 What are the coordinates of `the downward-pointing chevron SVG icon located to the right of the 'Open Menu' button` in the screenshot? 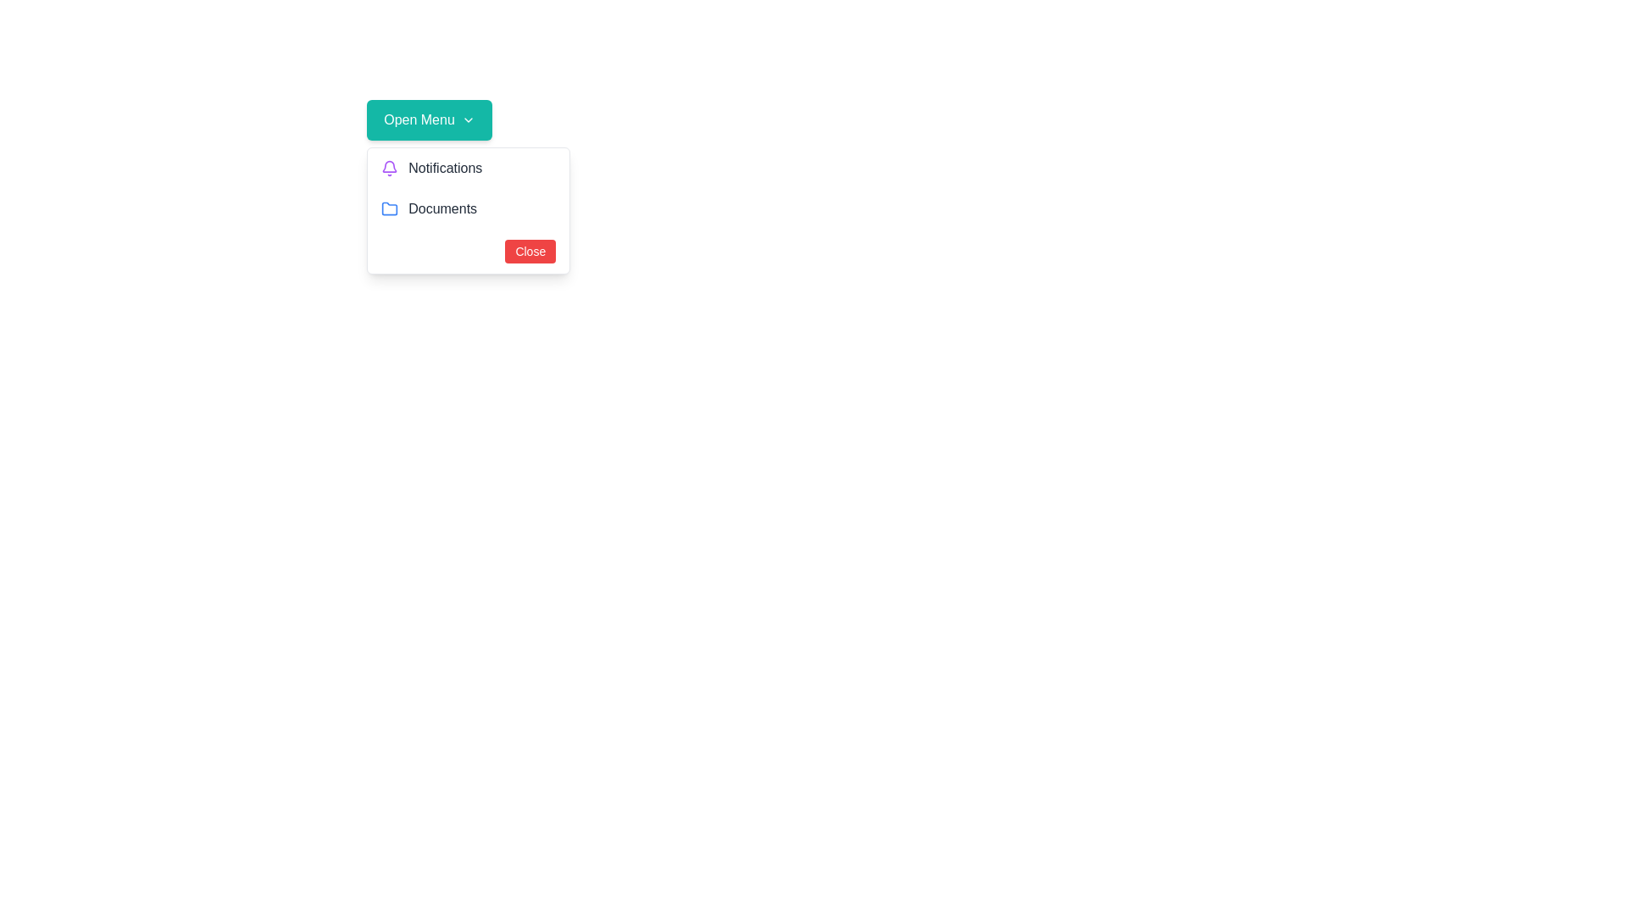 It's located at (468, 119).